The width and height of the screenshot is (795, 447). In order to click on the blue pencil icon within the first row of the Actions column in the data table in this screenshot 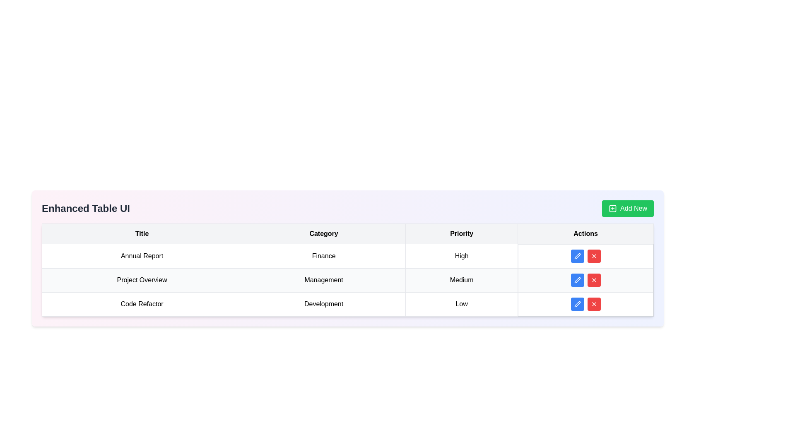, I will do `click(577, 255)`.